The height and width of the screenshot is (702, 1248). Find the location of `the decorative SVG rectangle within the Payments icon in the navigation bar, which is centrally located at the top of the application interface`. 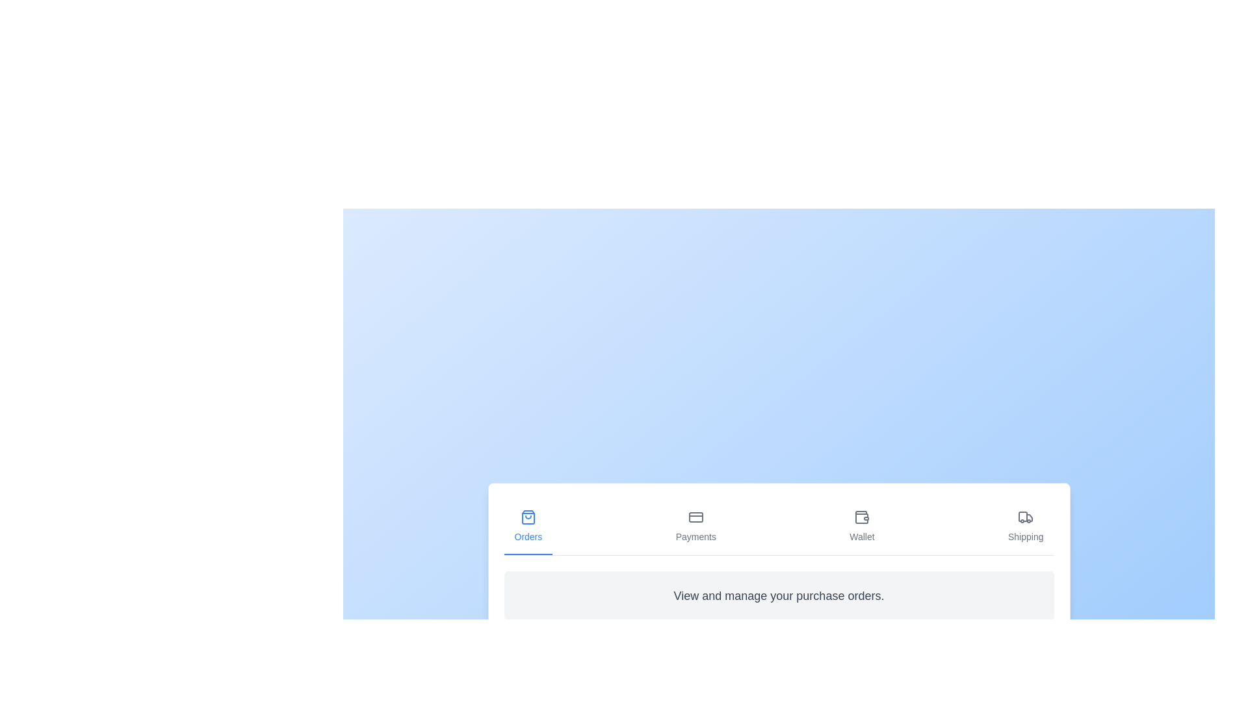

the decorative SVG rectangle within the Payments icon in the navigation bar, which is centrally located at the top of the application interface is located at coordinates (695, 516).